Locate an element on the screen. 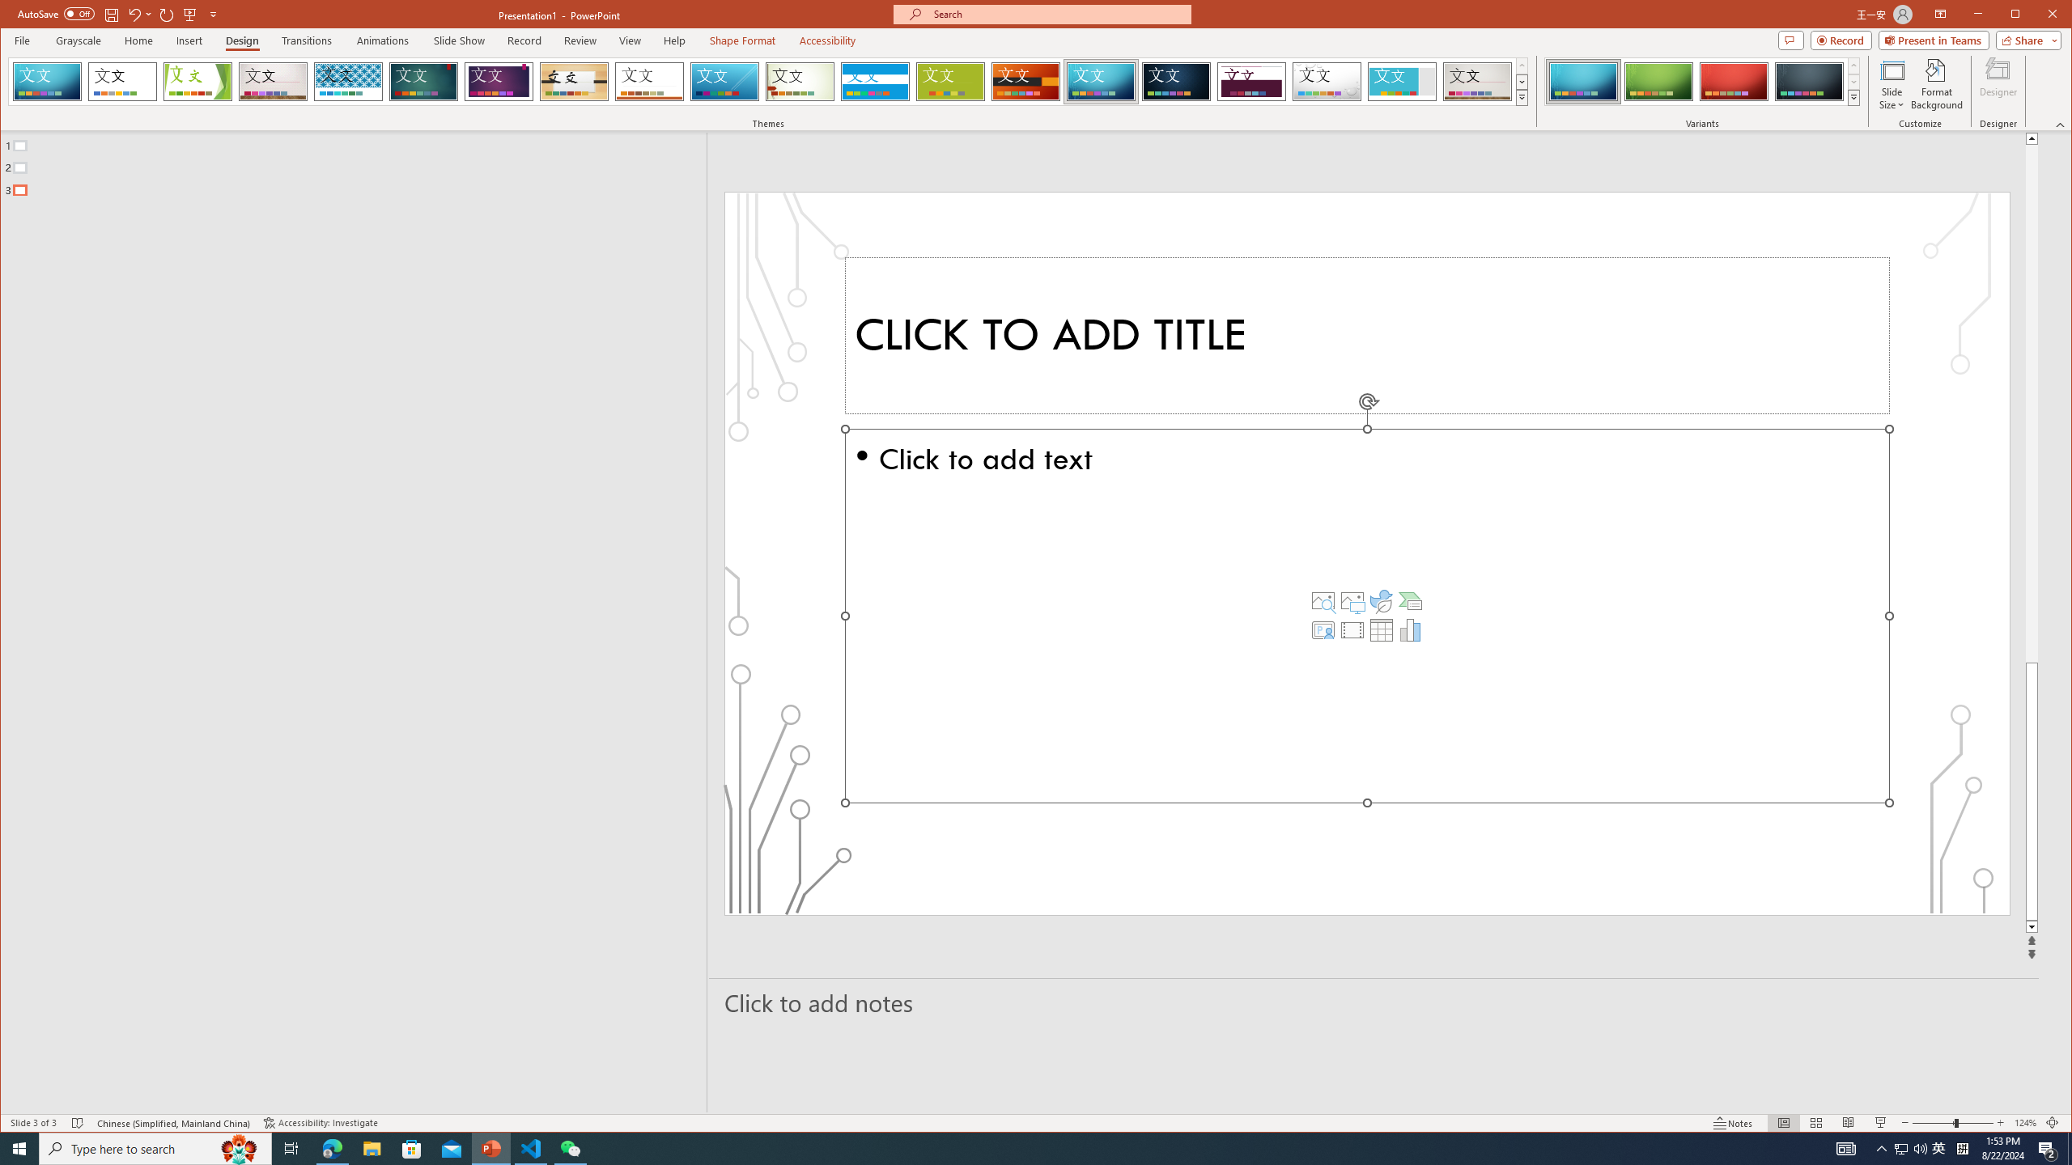 This screenshot has width=2072, height=1165. 'Circuit Variant 3' is located at coordinates (1733, 81).